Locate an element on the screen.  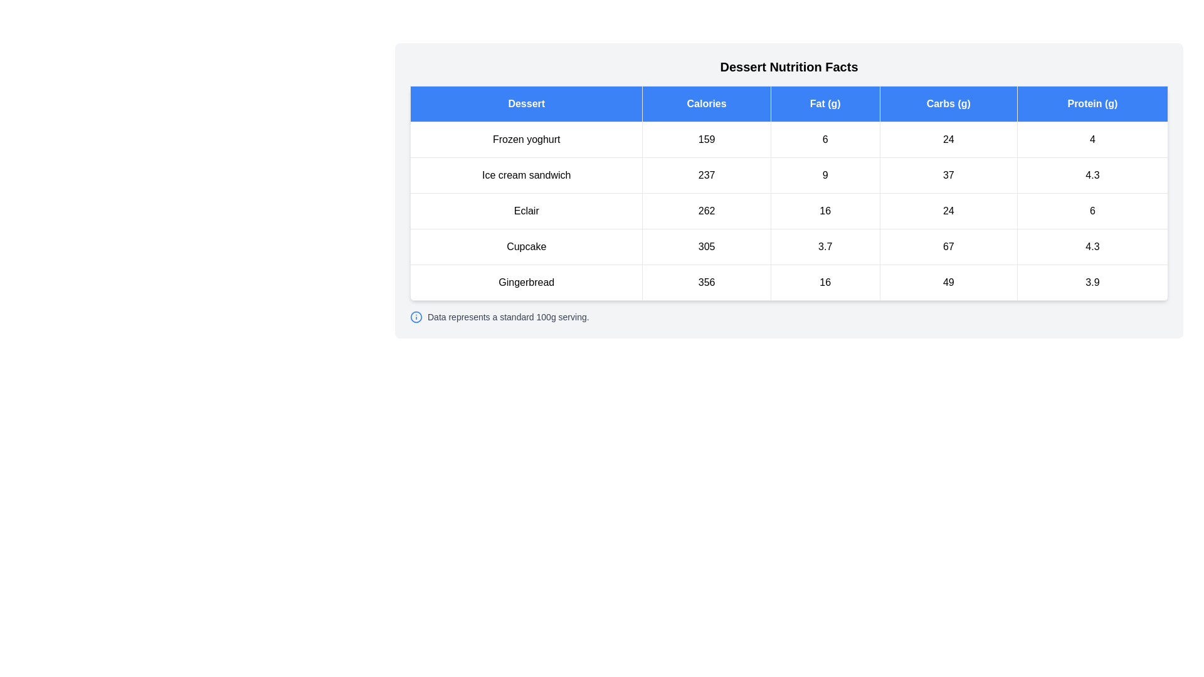
the header Calories to sort the table by that column is located at coordinates (707, 103).